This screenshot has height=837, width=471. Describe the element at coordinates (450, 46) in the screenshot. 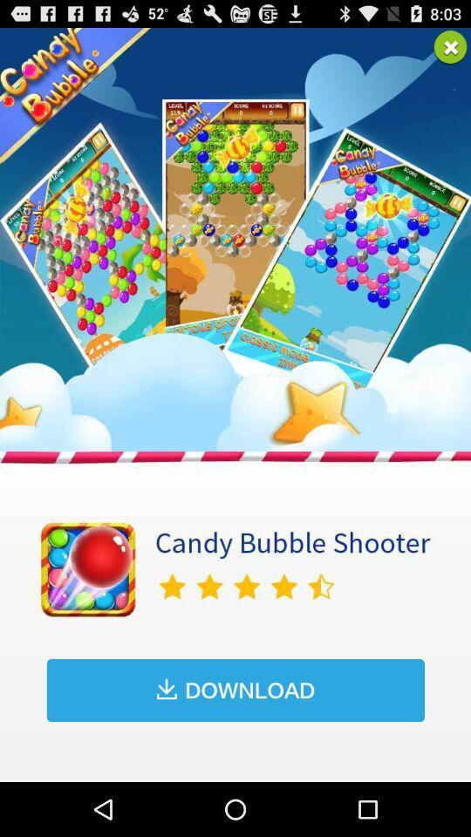

I see `advertisement` at that location.